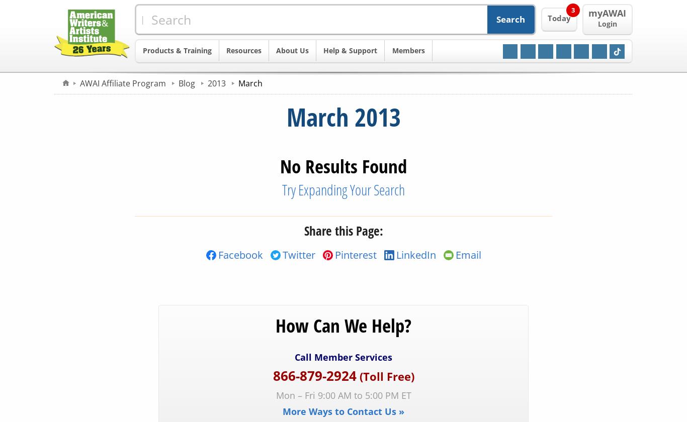 The image size is (687, 422). Describe the element at coordinates (123, 82) in the screenshot. I see `'AWAI Affiliate Program'` at that location.